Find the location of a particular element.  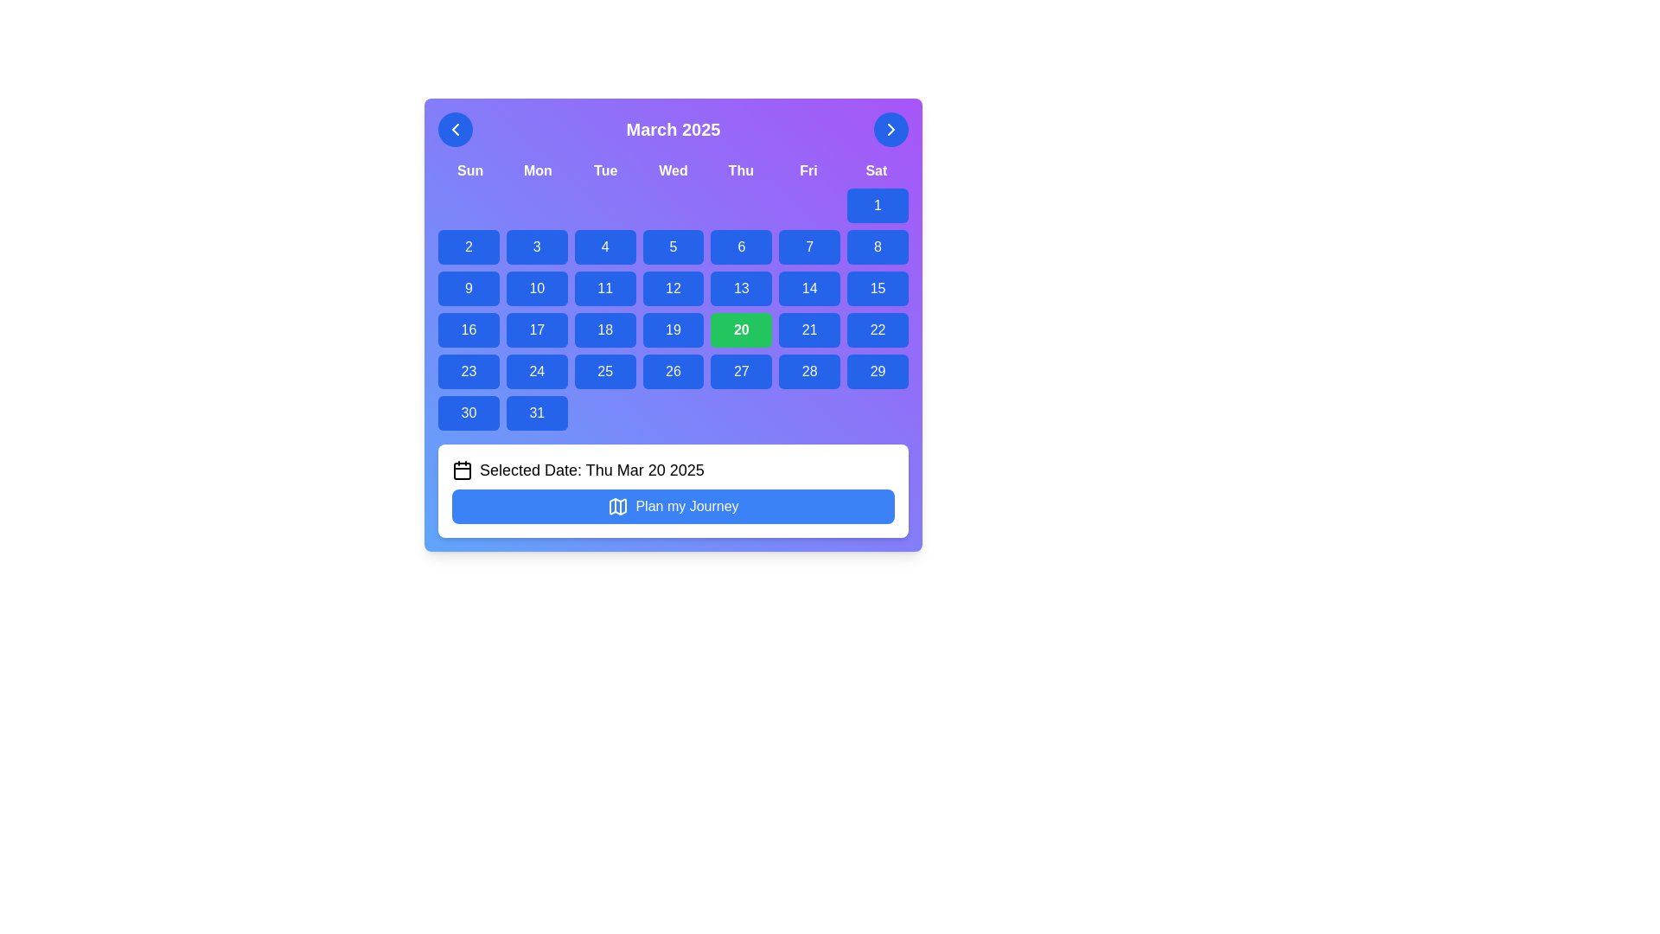

the icon within the circular button located in the upper left corner of the calendar interface is located at coordinates (456, 129).